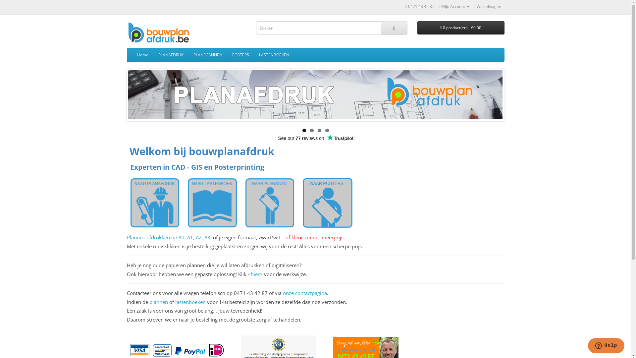 Image resolution: width=636 pixels, height=358 pixels. I want to click on 'Opens a widget where you can chat to one of our agents', so click(588, 346).